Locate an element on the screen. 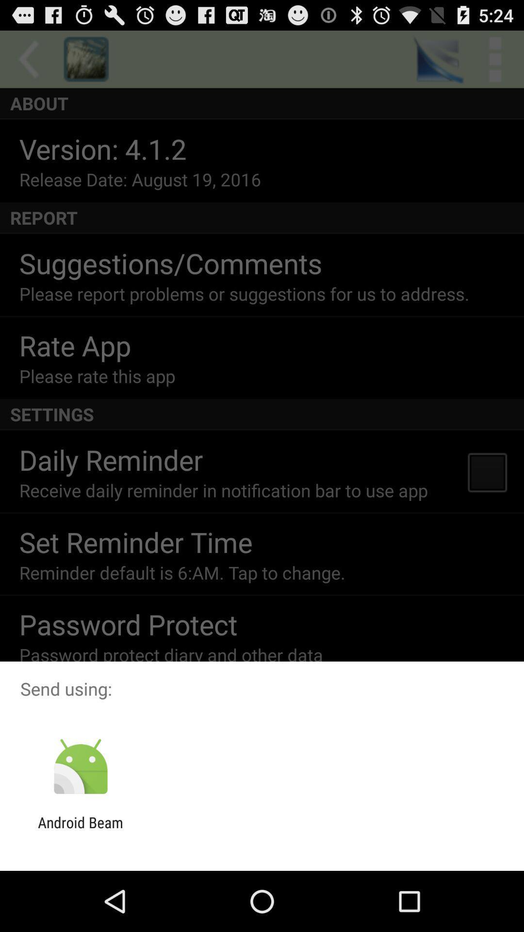 This screenshot has width=524, height=932. icon above the android beam app is located at coordinates (80, 766).